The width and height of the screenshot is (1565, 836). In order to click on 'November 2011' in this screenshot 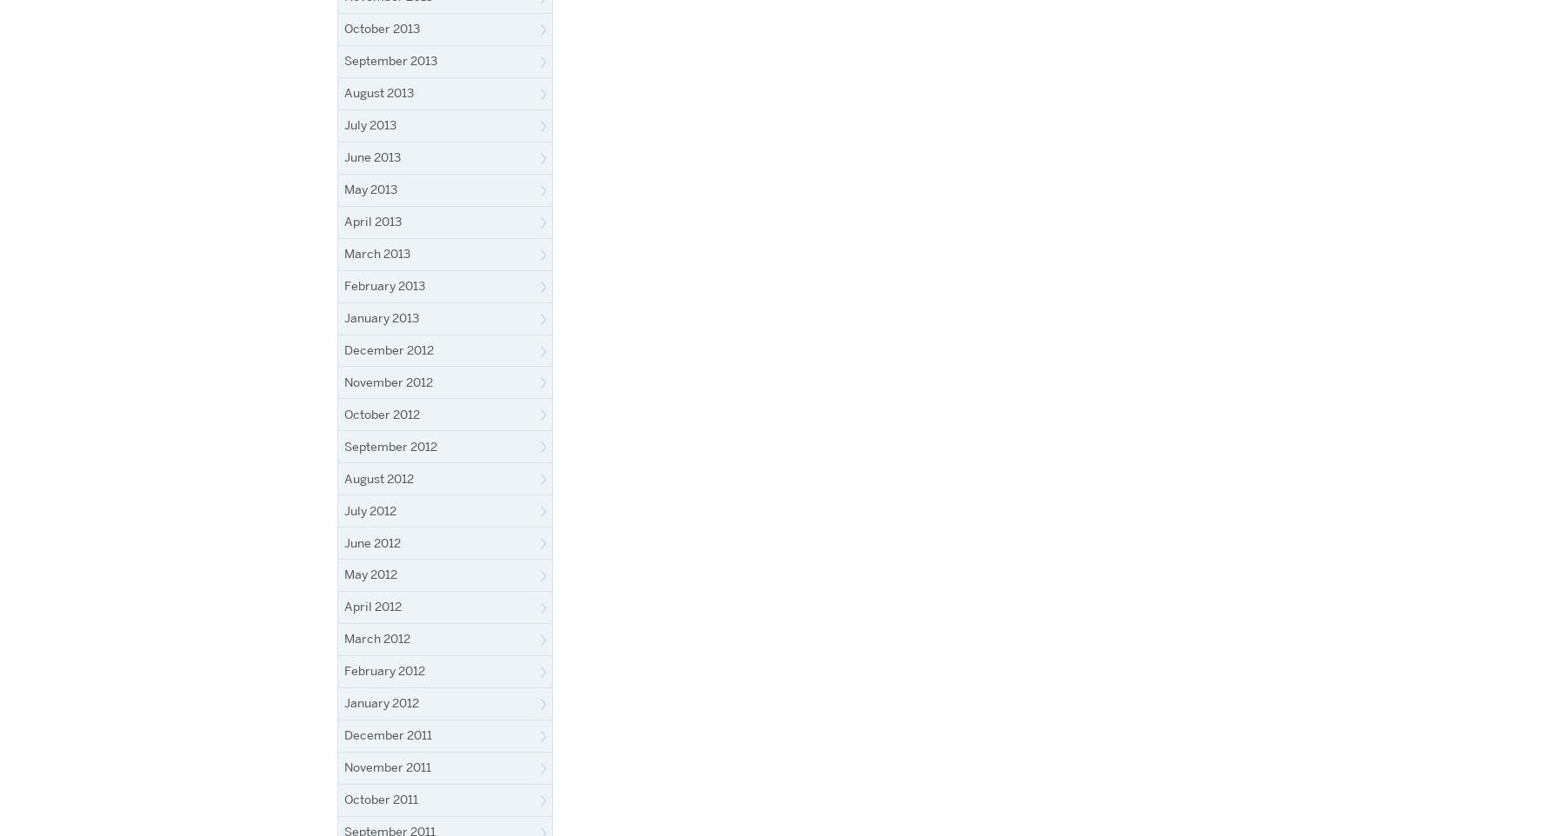, I will do `click(388, 766)`.